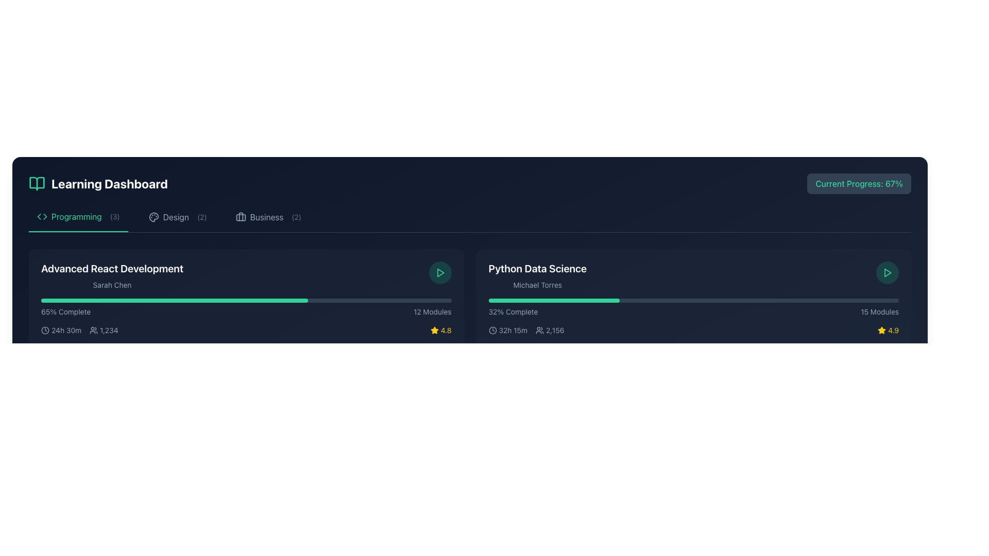 This screenshot has width=989, height=556. I want to click on the Rating display element that consists of a yellow star icon and the text '4.9', located at the bottom right corner of the 'Python Data Science' card, next to the modules count text '15 Modules', so click(888, 330).